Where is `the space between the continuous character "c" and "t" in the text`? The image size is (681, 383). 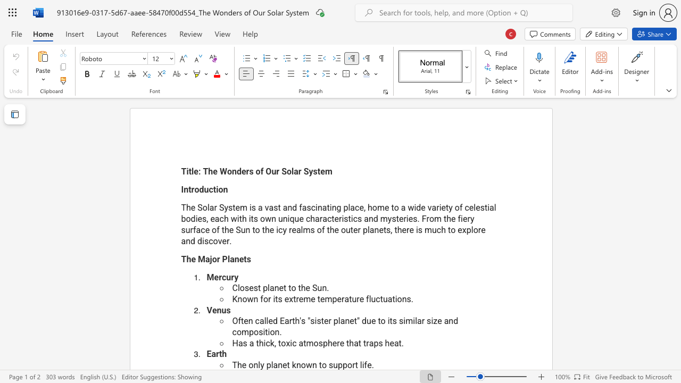 the space between the continuous character "c" and "t" in the text is located at coordinates (379, 299).